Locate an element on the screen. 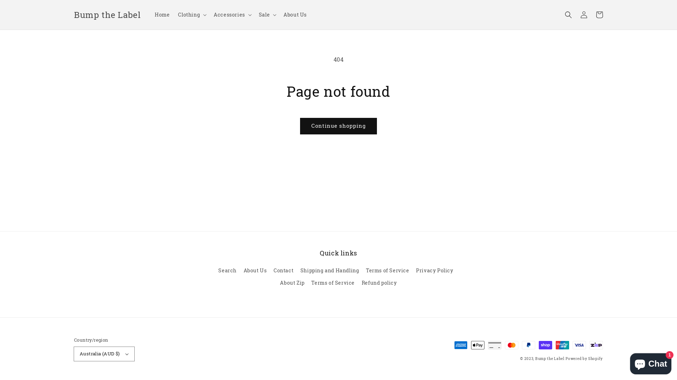 This screenshot has height=380, width=677. 'Refund policy' is located at coordinates (379, 282).